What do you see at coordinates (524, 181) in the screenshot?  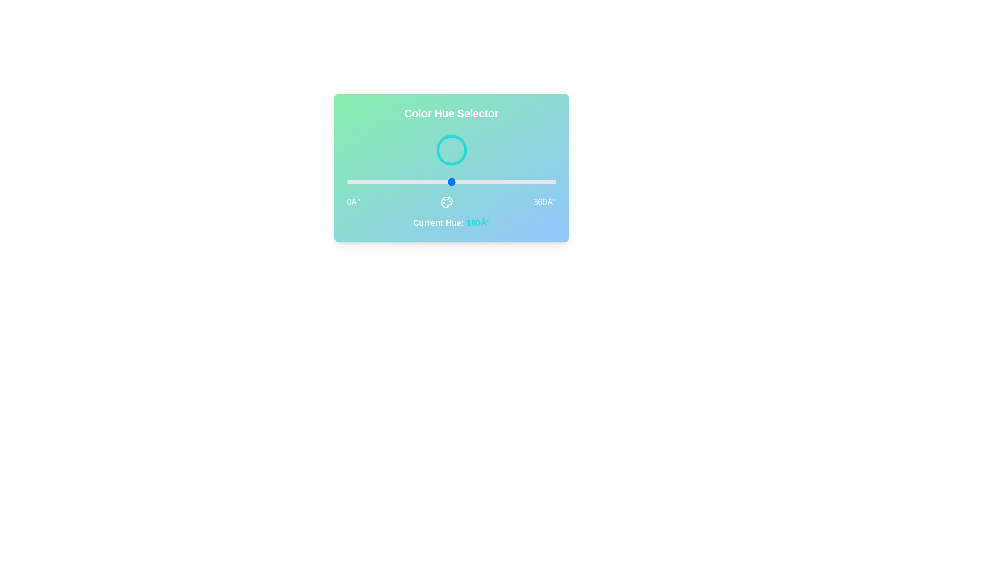 I see `the hue to 306° by dragging the slider` at bounding box center [524, 181].